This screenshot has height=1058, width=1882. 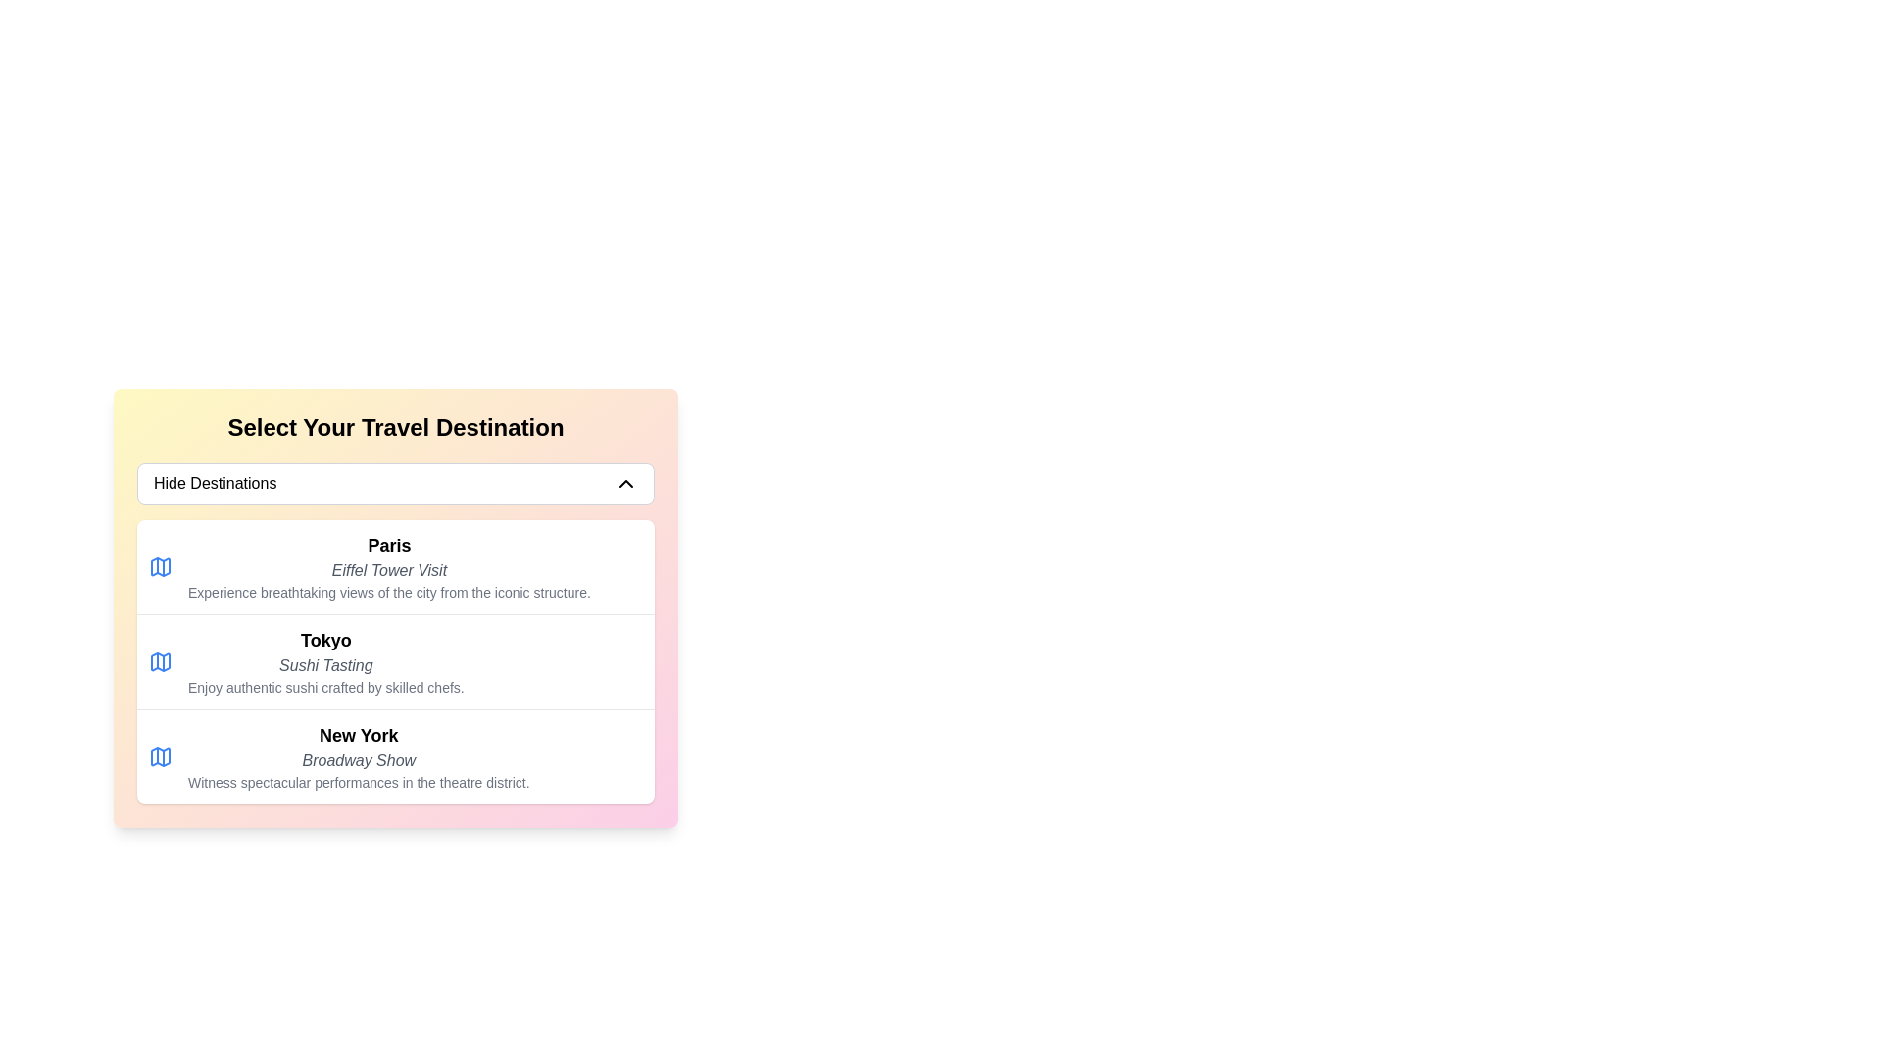 What do you see at coordinates (160, 755) in the screenshot?
I see `the map symbol icon located adjacent to the text 'New York', which is styled with blue lines resembling folding sections of a map` at bounding box center [160, 755].